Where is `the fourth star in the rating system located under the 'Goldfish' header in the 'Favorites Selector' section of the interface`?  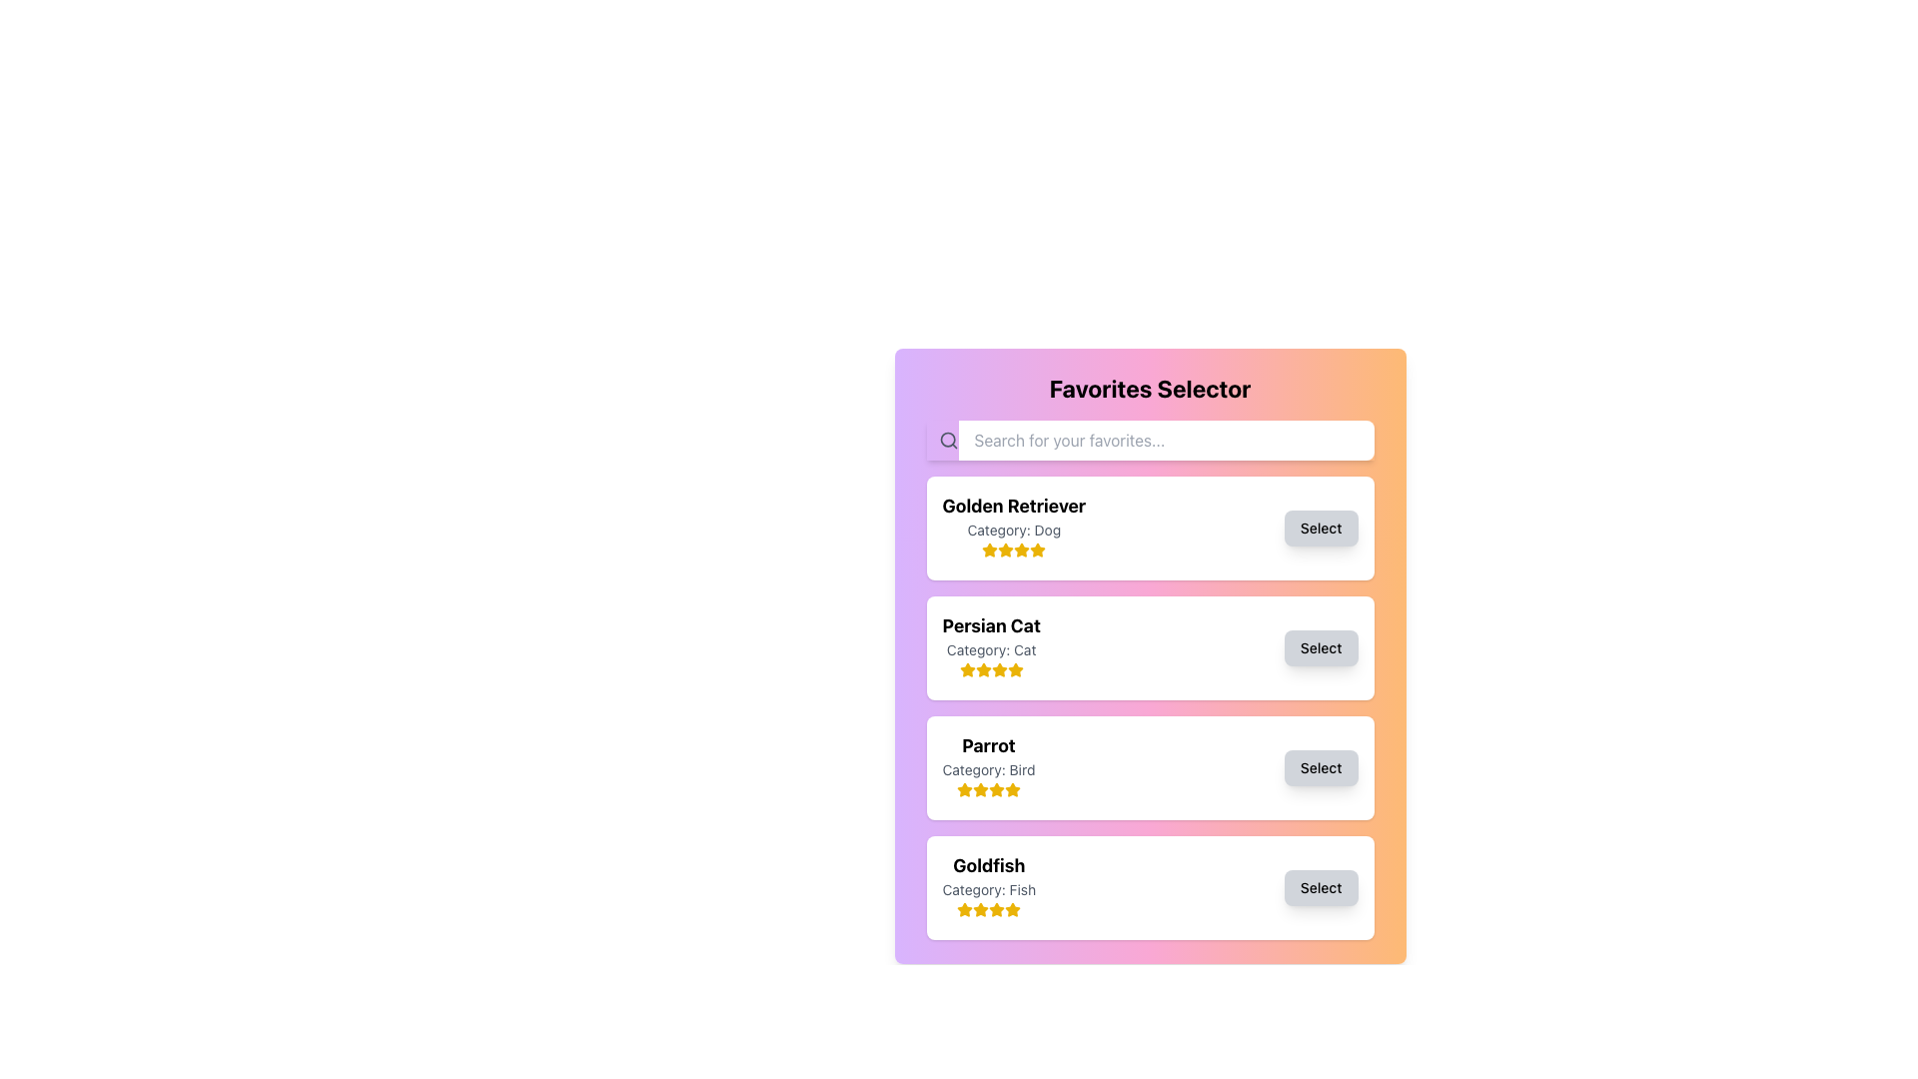
the fourth star in the rating system located under the 'Goldfish' header in the 'Favorites Selector' section of the interface is located at coordinates (989, 909).